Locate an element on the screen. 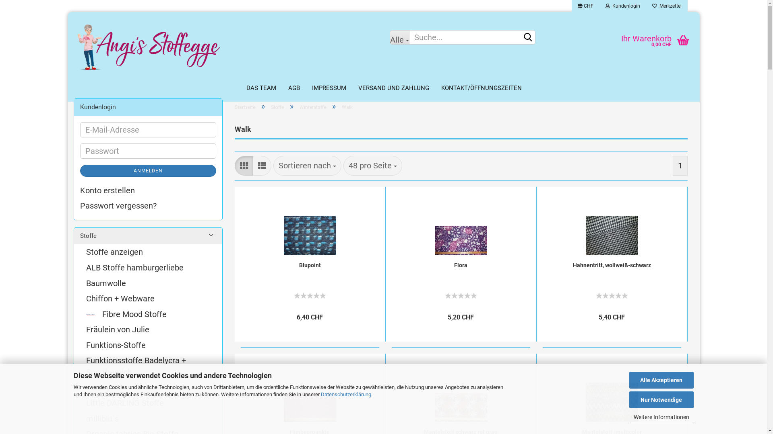  'Chiffon + Webware' is located at coordinates (148, 299).